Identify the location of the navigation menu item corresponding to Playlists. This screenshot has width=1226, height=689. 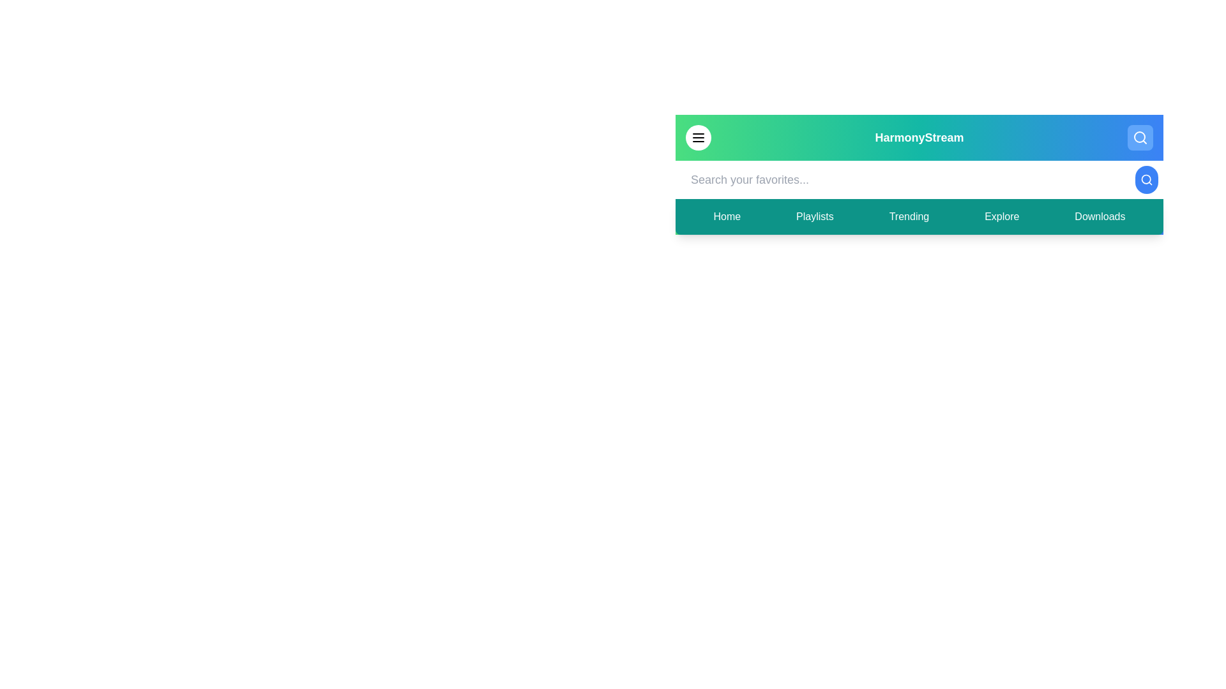
(814, 216).